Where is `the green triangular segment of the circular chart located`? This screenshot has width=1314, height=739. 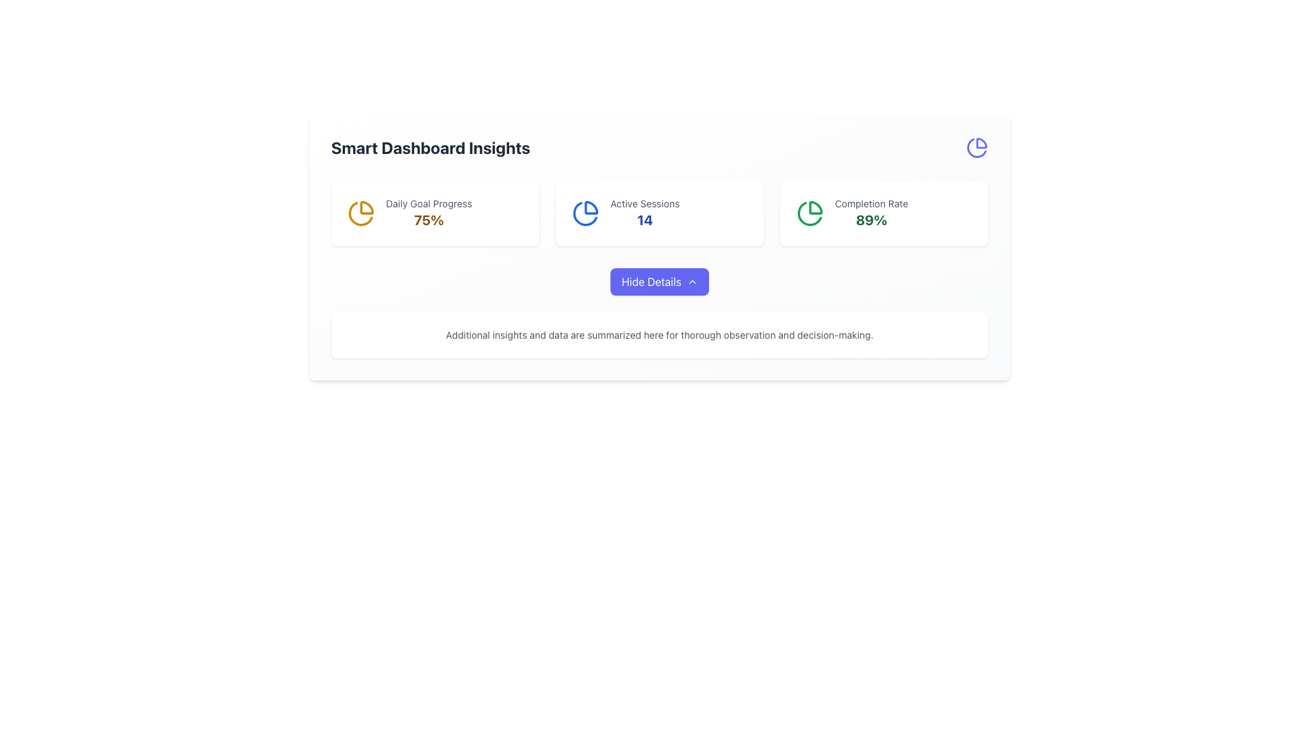 the green triangular segment of the circular chart located is located at coordinates (816, 207).